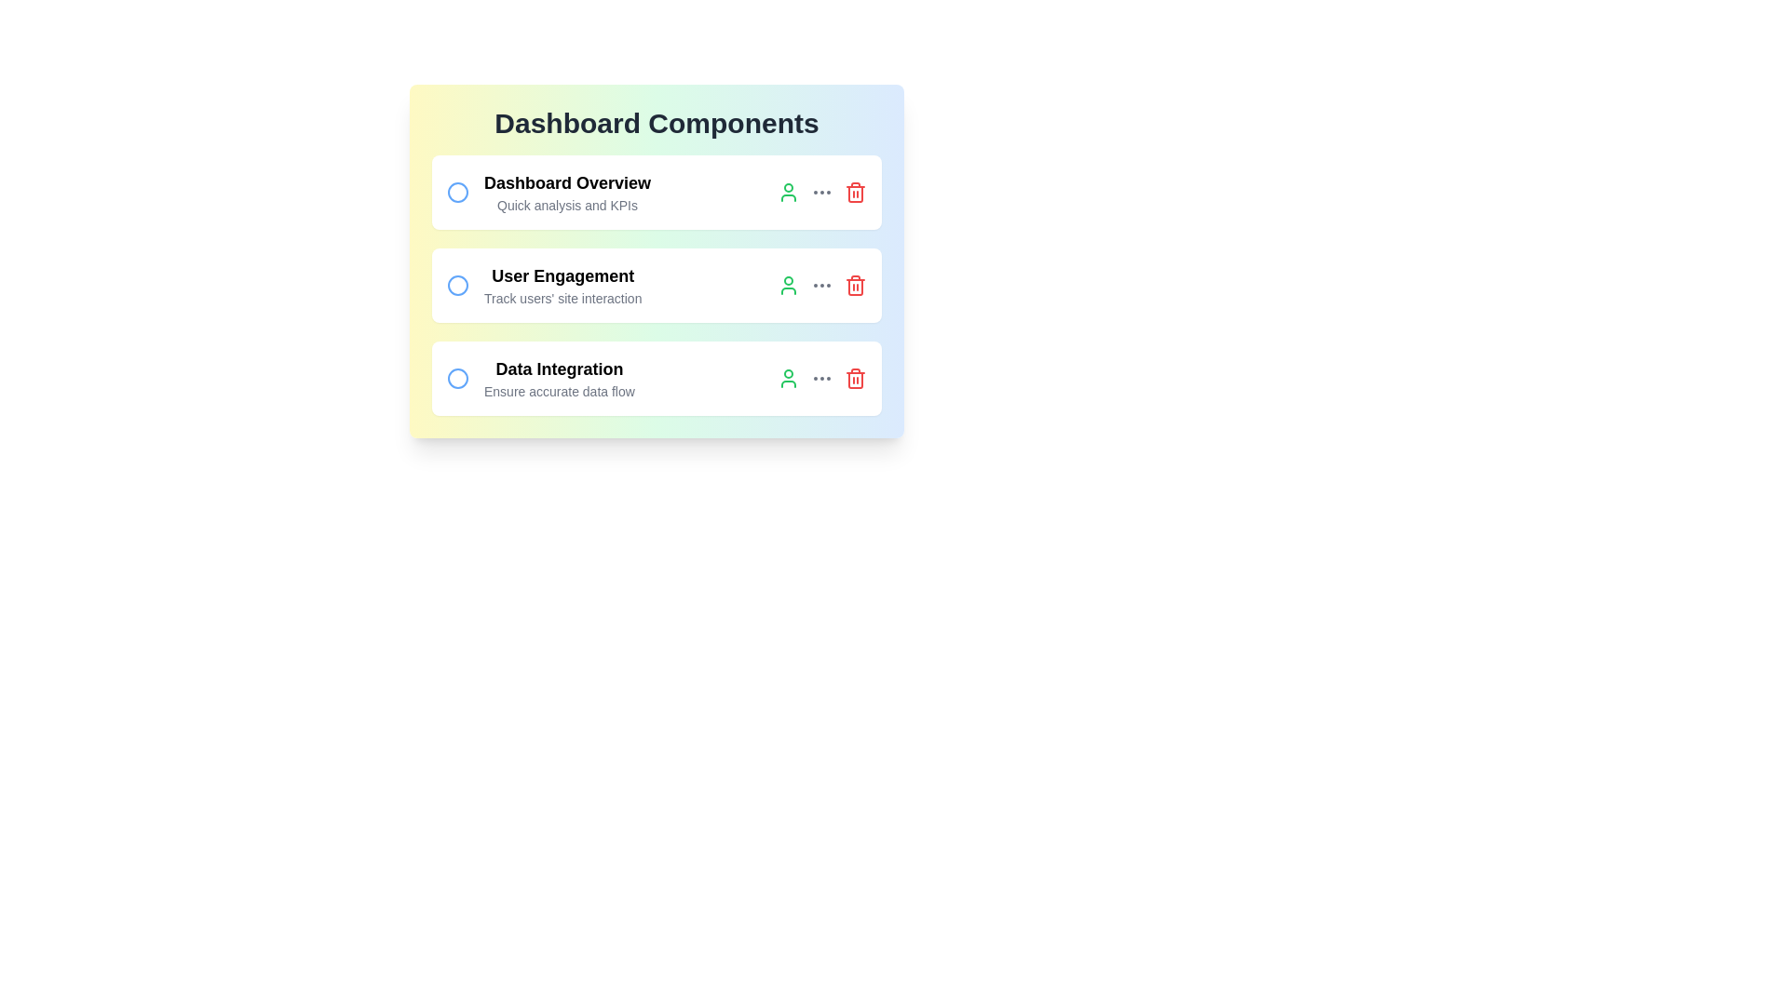 The height and width of the screenshot is (1005, 1788). Describe the element at coordinates (457, 378) in the screenshot. I see `the circle next to the task 'Data Integration' to select it` at that location.